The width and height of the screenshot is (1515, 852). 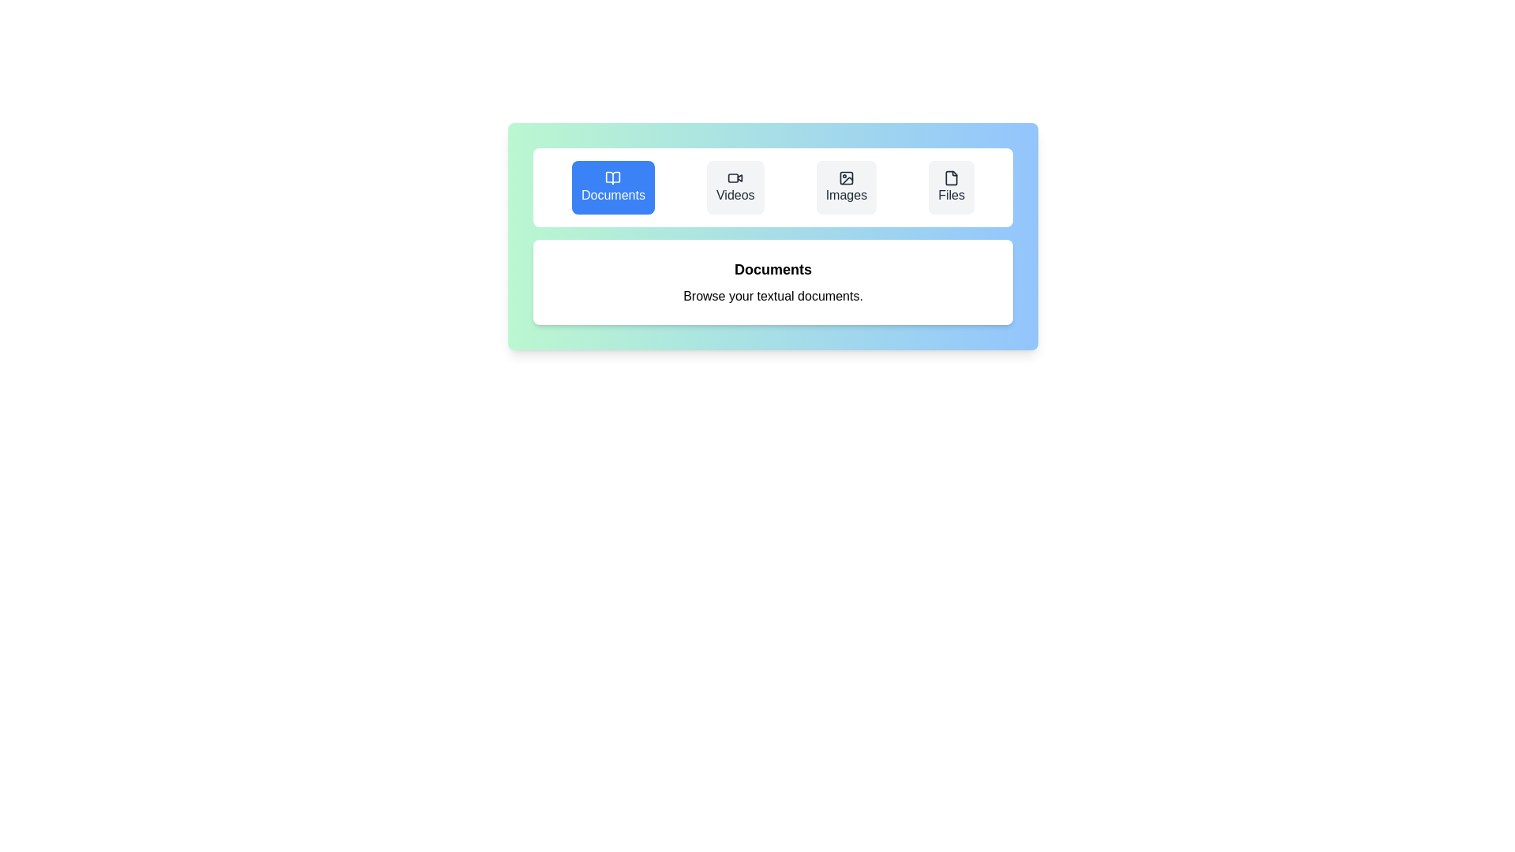 What do you see at coordinates (735, 187) in the screenshot?
I see `the Videos tab by clicking on the corresponding button` at bounding box center [735, 187].